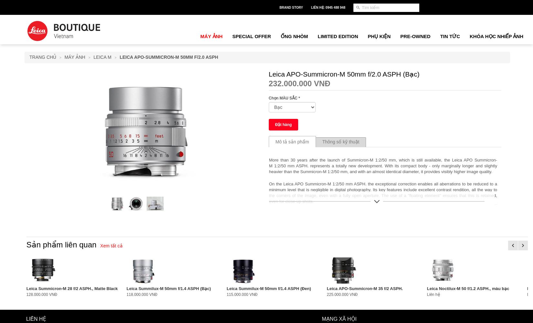 The image size is (533, 323). What do you see at coordinates (294, 36) in the screenshot?
I see `'Ống Nhòm'` at bounding box center [294, 36].